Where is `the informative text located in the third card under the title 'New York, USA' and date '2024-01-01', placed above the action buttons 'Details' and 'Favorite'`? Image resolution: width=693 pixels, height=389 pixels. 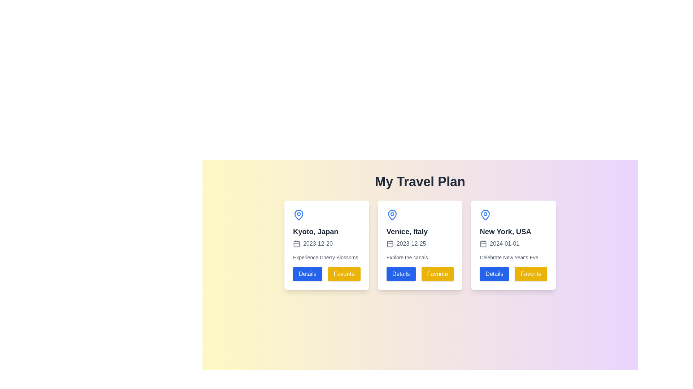
the informative text located in the third card under the title 'New York, USA' and date '2024-01-01', placed above the action buttons 'Details' and 'Favorite' is located at coordinates (509, 257).